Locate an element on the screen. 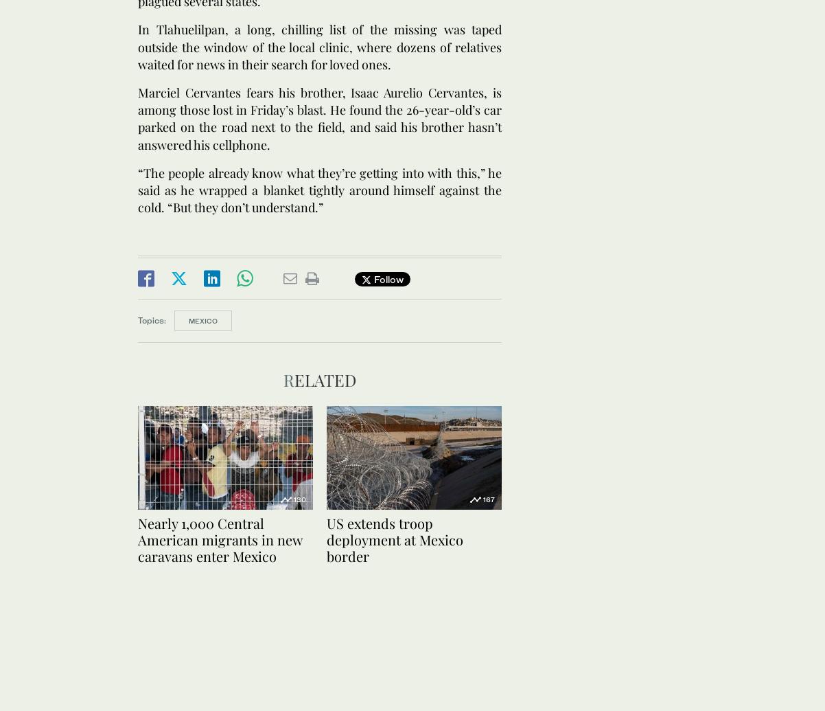  'Related' is located at coordinates (319, 378).